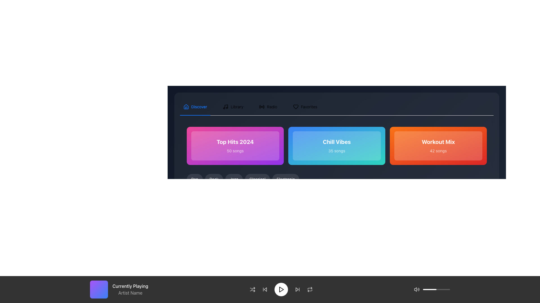  What do you see at coordinates (233, 107) in the screenshot?
I see `the second navigation tab, which directs to the Library section` at bounding box center [233, 107].